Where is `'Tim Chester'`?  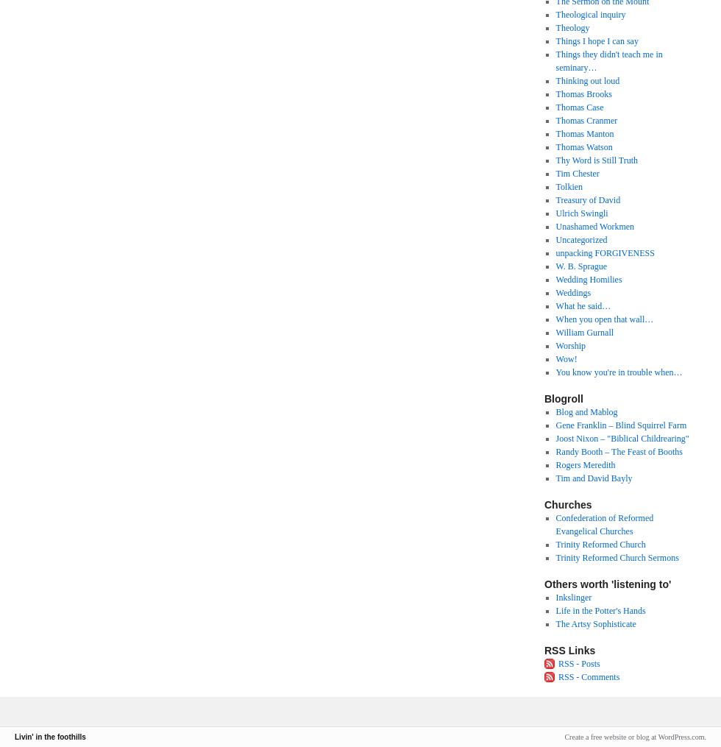 'Tim Chester' is located at coordinates (577, 173).